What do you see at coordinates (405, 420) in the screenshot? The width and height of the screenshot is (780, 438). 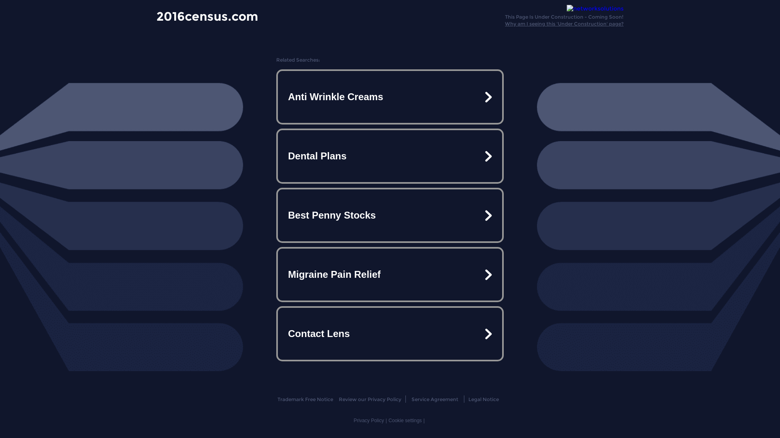 I see `'Cookie settings'` at bounding box center [405, 420].